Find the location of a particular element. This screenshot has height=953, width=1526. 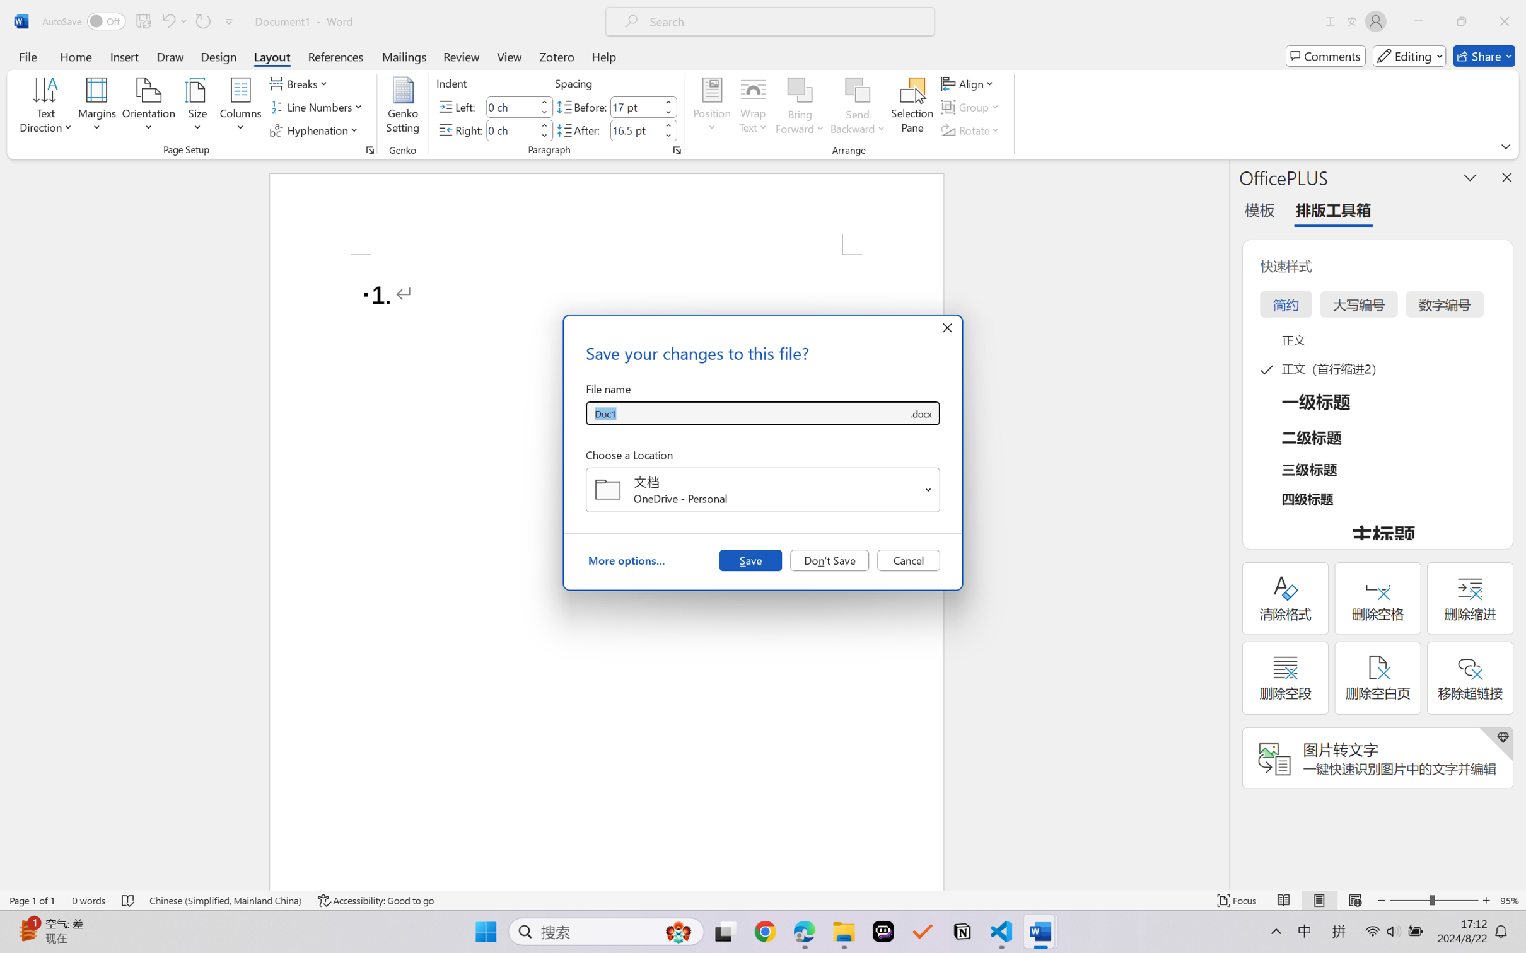

'Rotate' is located at coordinates (971, 130).